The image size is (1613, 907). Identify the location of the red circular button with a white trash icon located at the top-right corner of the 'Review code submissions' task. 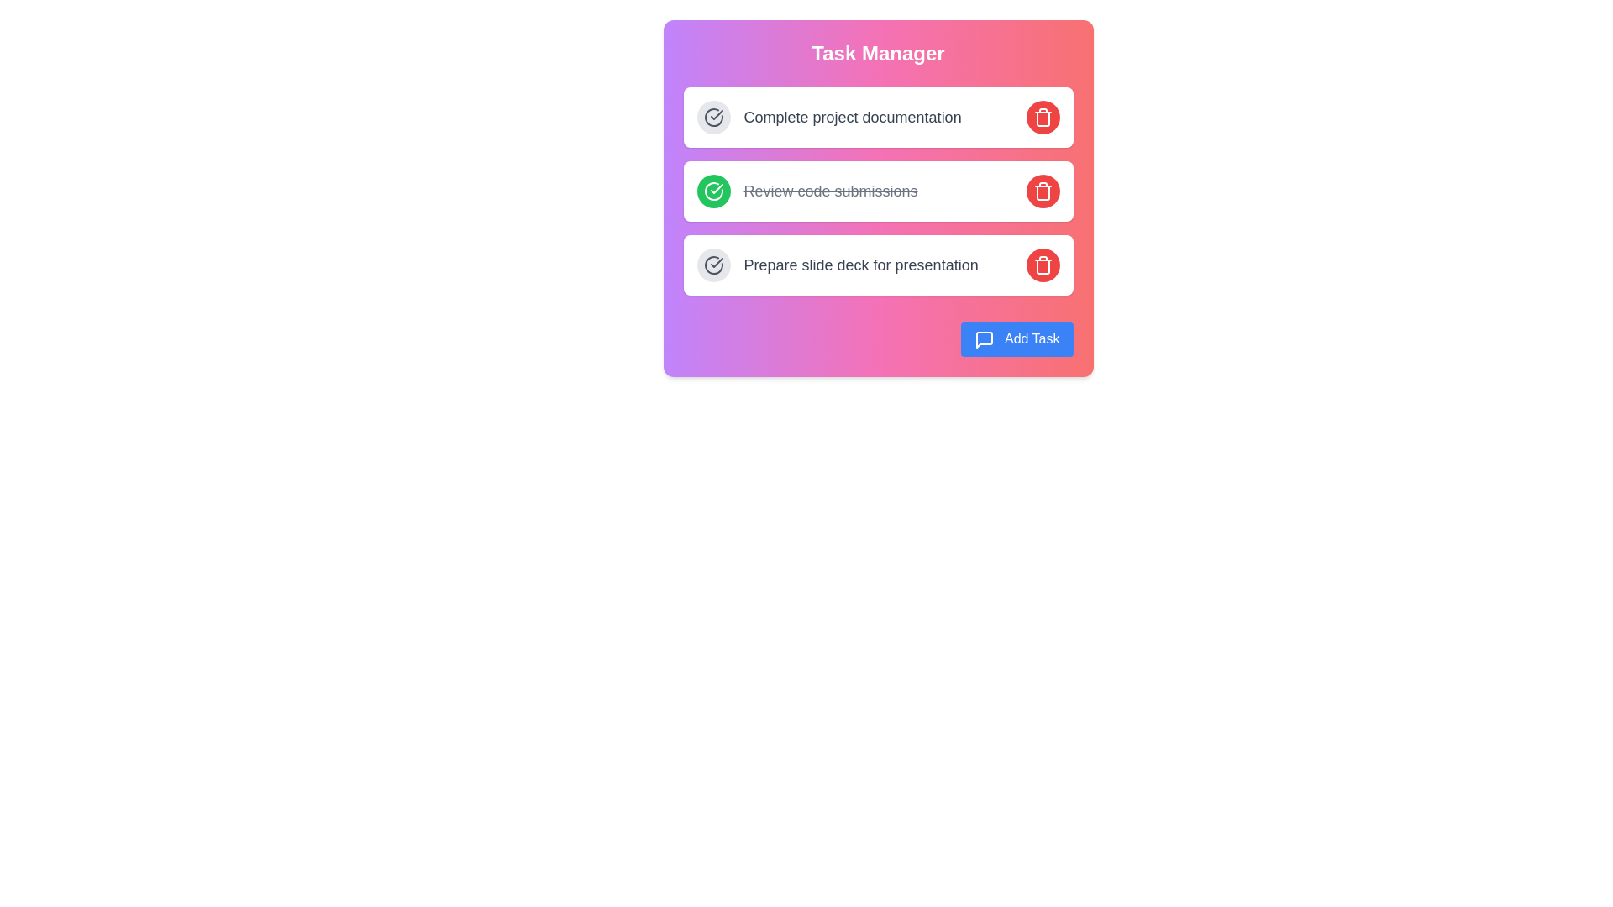
(1042, 190).